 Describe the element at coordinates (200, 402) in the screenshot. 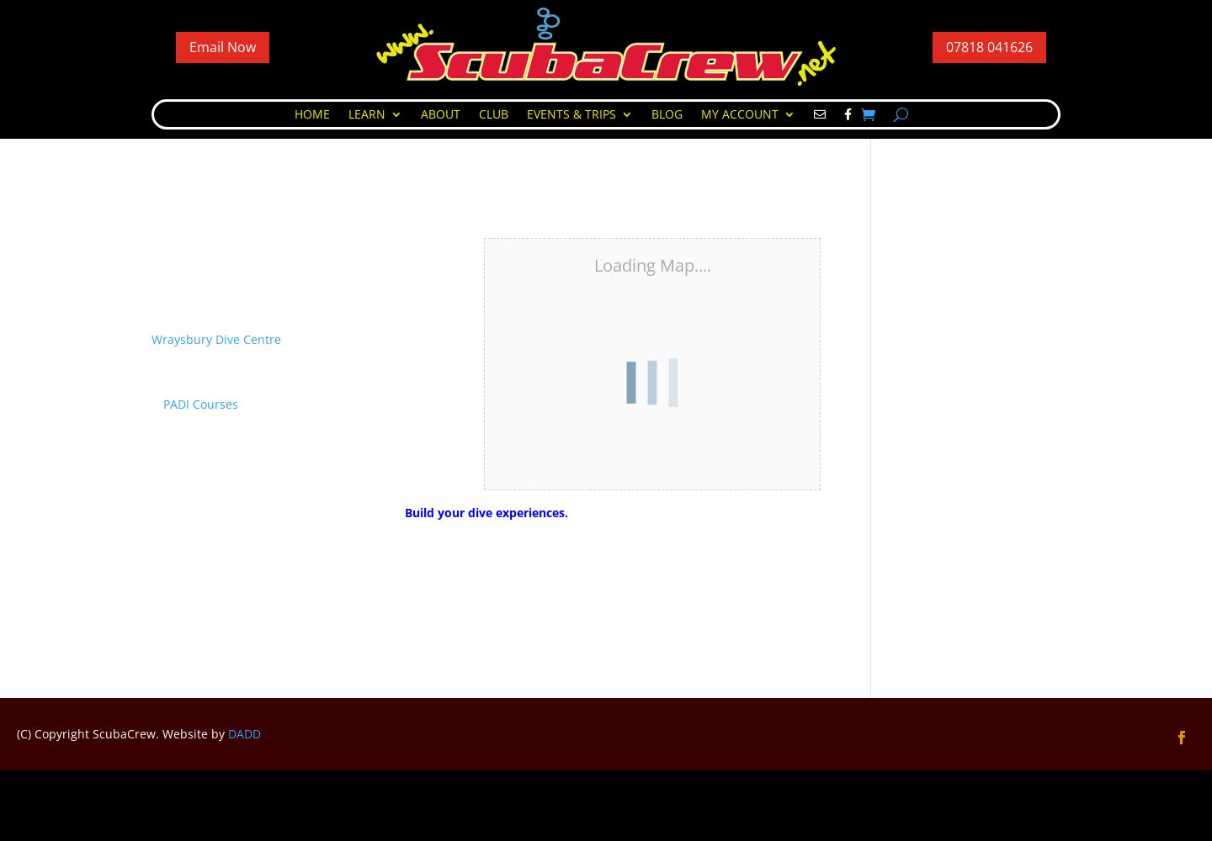

I see `'PADI Courses'` at that location.